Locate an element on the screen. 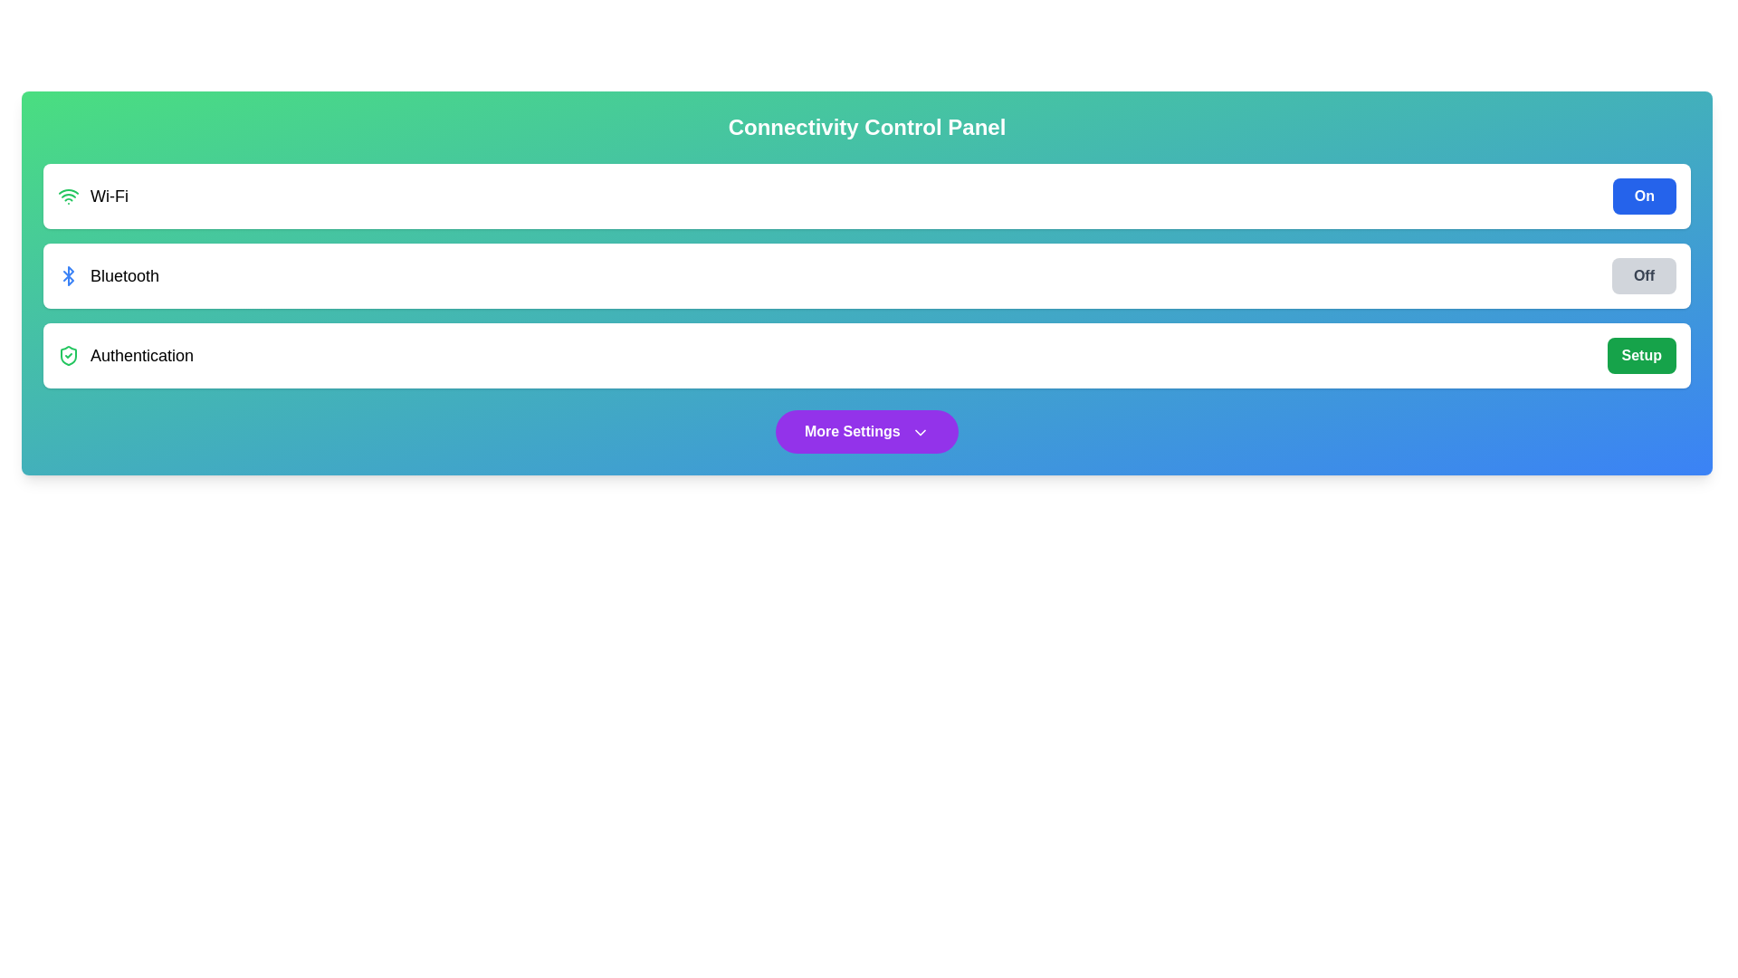 The height and width of the screenshot is (978, 1738). the secure status icon located to the left of the 'Authentication' text in the settings panel, which indicates successful authentication is located at coordinates (69, 356).